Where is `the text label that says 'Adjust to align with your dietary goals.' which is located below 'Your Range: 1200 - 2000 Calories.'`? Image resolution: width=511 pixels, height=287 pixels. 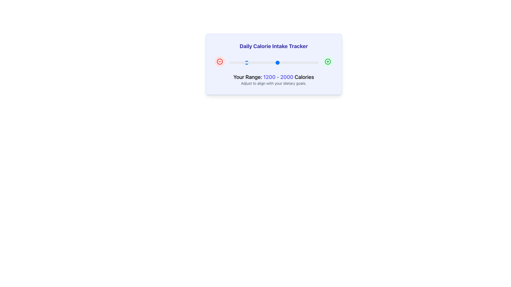
the text label that says 'Adjust to align with your dietary goals.' which is located below 'Your Range: 1200 - 2000 Calories.' is located at coordinates (274, 83).